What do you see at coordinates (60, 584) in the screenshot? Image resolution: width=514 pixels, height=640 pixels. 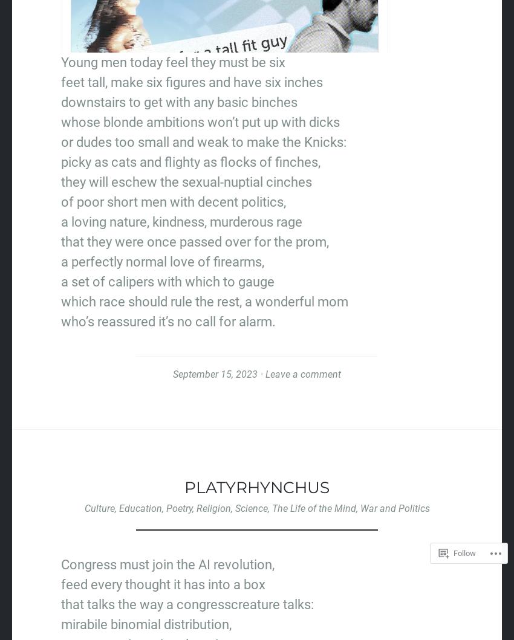 I see `'feed every thought it has into a box'` at bounding box center [60, 584].